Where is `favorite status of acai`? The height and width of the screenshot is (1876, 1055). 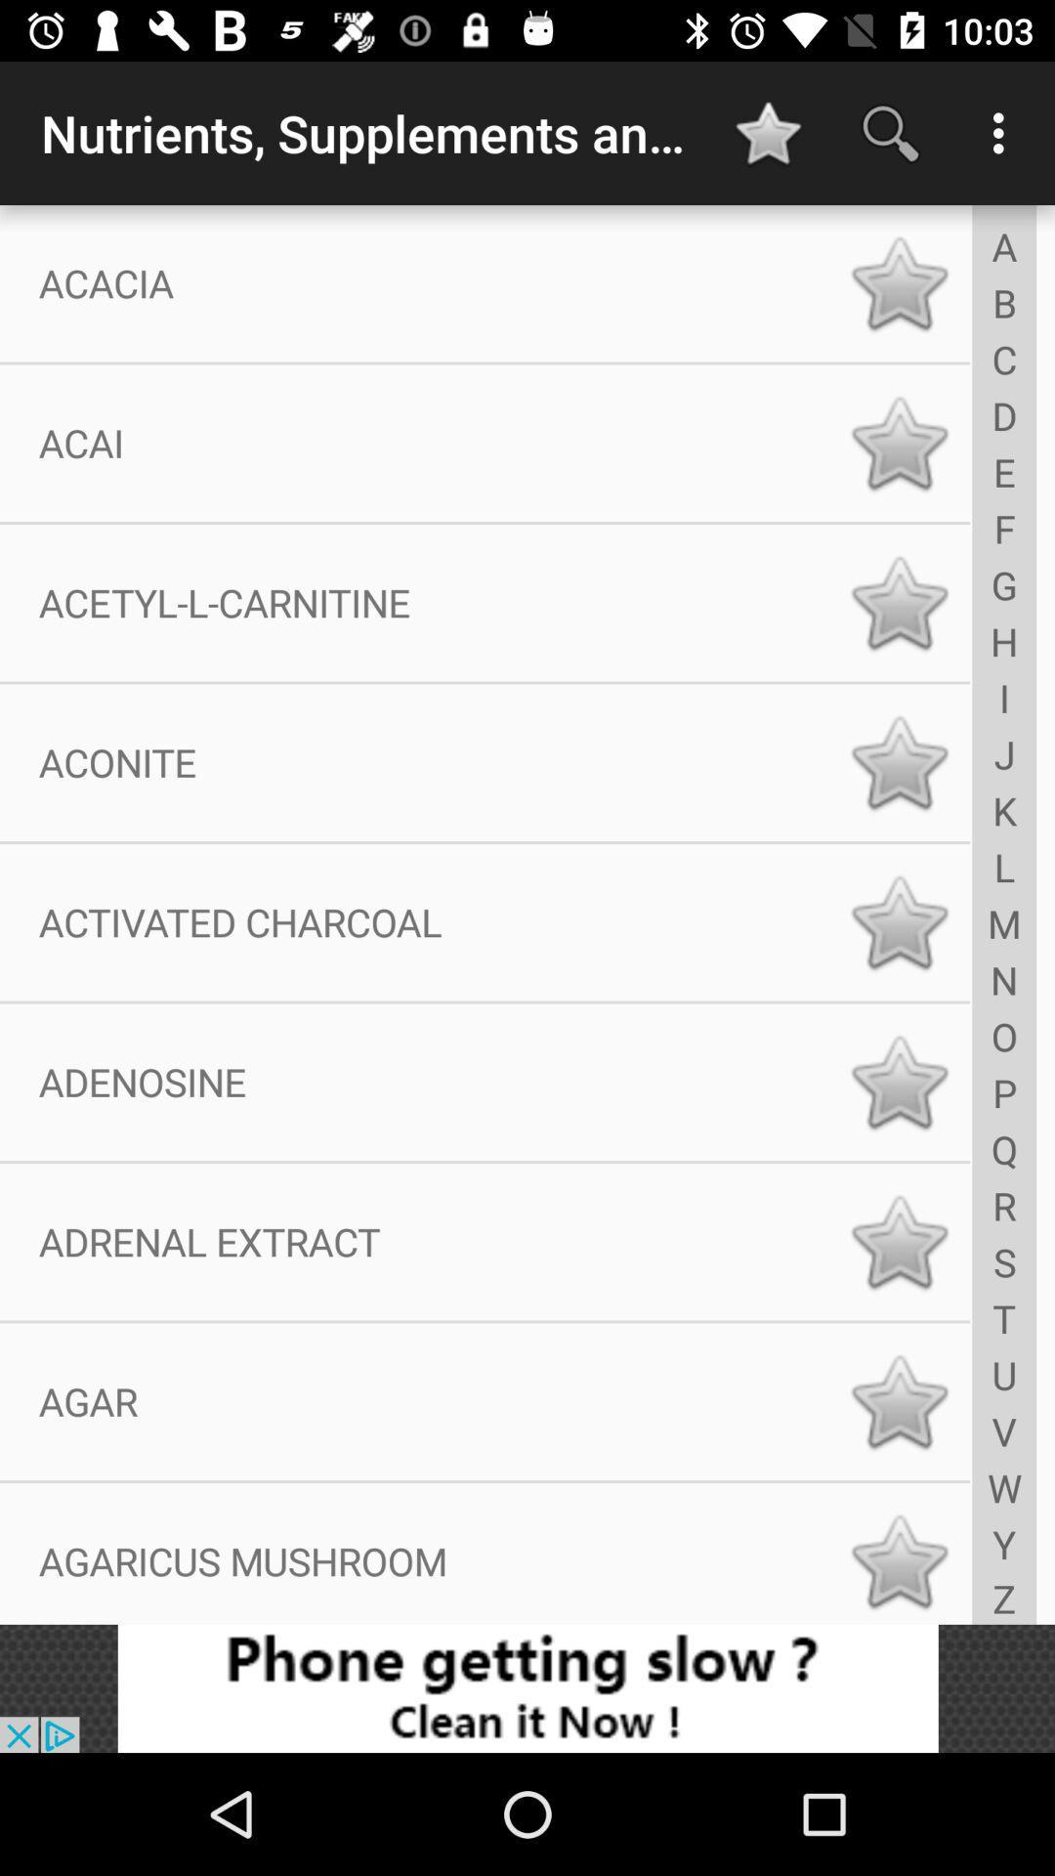 favorite status of acai is located at coordinates (899, 442).